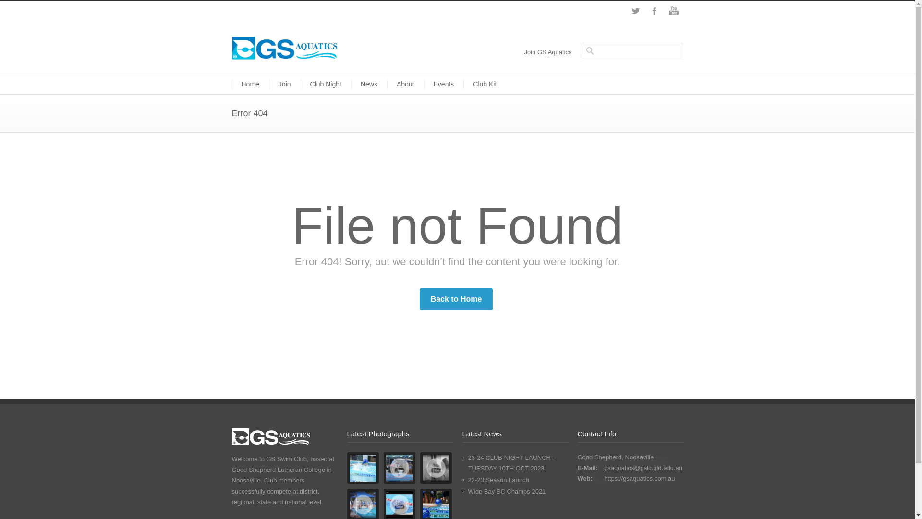  What do you see at coordinates (498, 480) in the screenshot?
I see `'22-23 Season Launch'` at bounding box center [498, 480].